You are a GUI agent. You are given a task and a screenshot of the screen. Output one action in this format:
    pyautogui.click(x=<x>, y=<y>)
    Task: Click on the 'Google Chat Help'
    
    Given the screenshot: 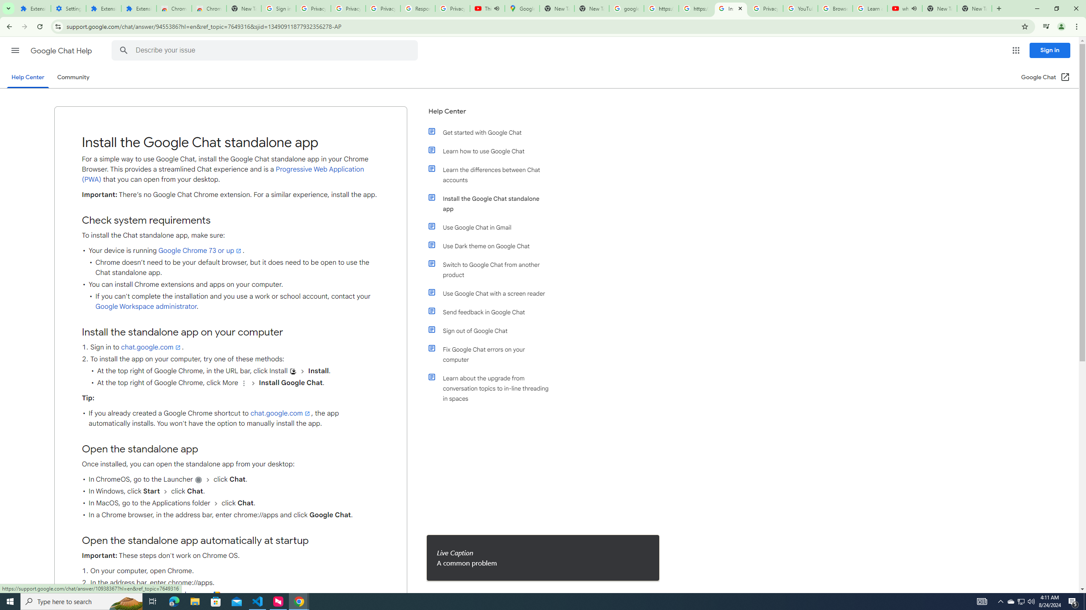 What is the action you would take?
    pyautogui.click(x=61, y=50)
    